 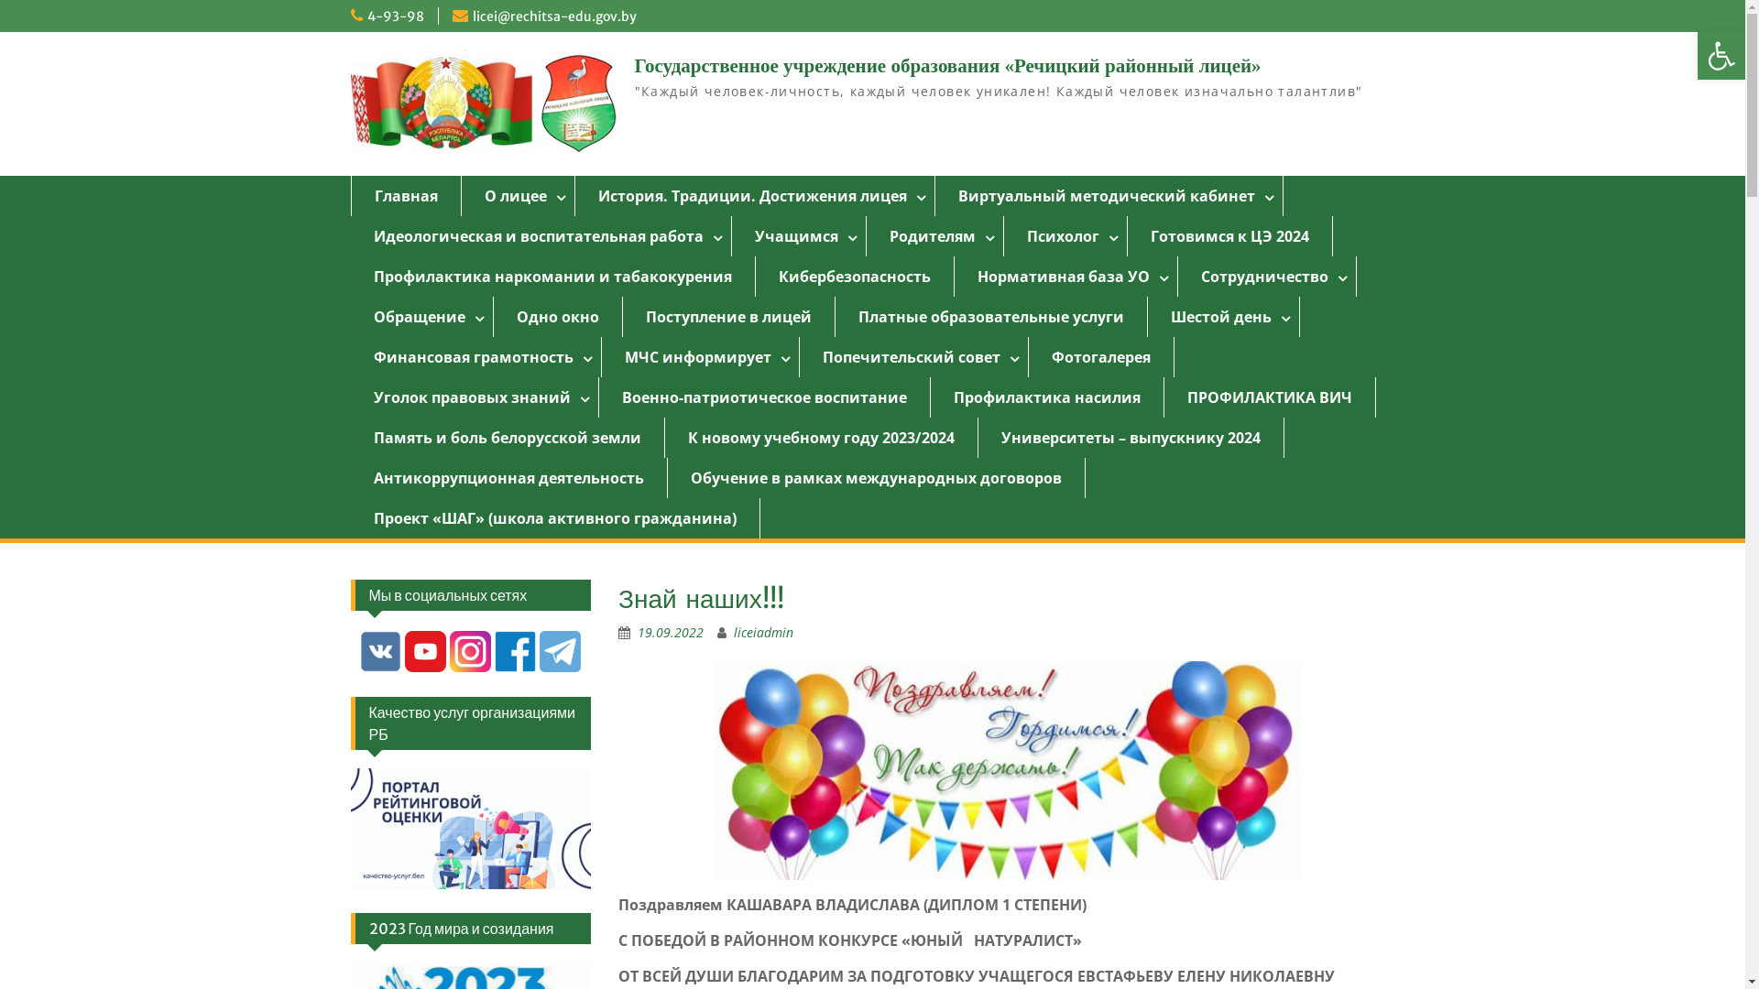 I want to click on 'Facebook', so click(x=514, y=650).